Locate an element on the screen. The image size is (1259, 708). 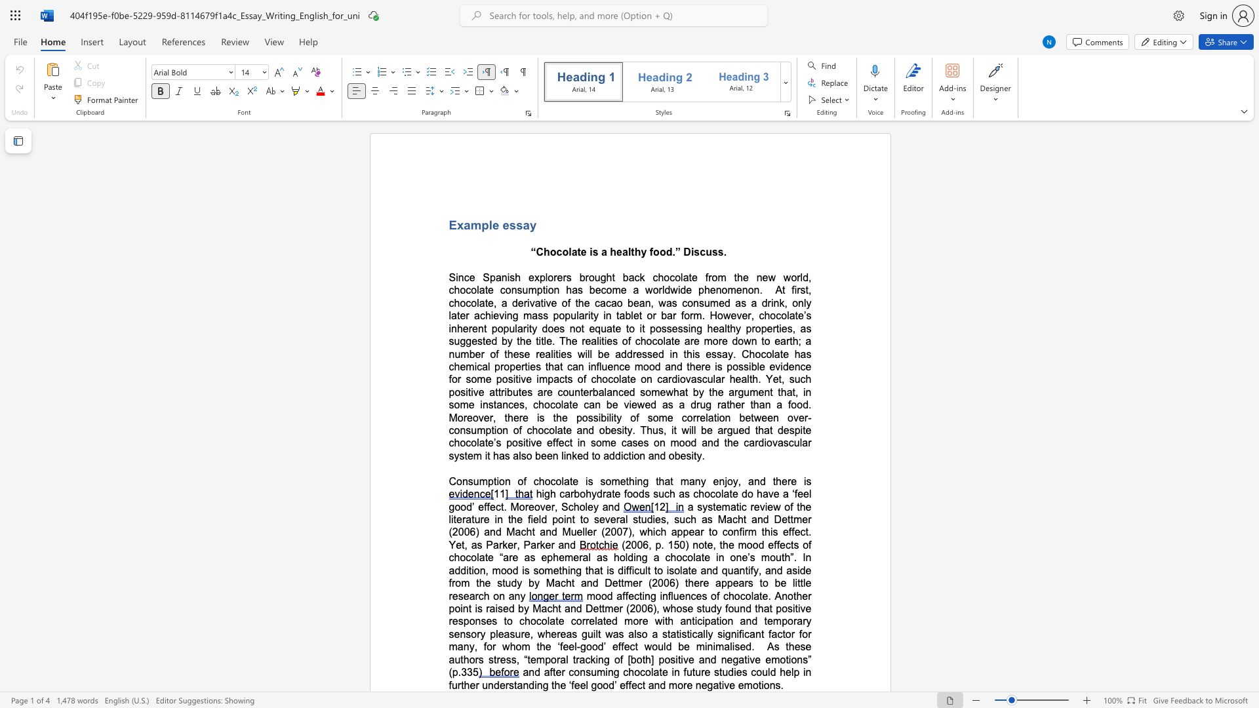
the subset text "he mood effects of chocolate “are as ephemeral as holding a chocolate in one’s mo" within the text "(2006, p. 150) note, the mood effects of chocolate “are as ephemeral as holding a chocolate in one’s mout" is located at coordinates (722, 545).